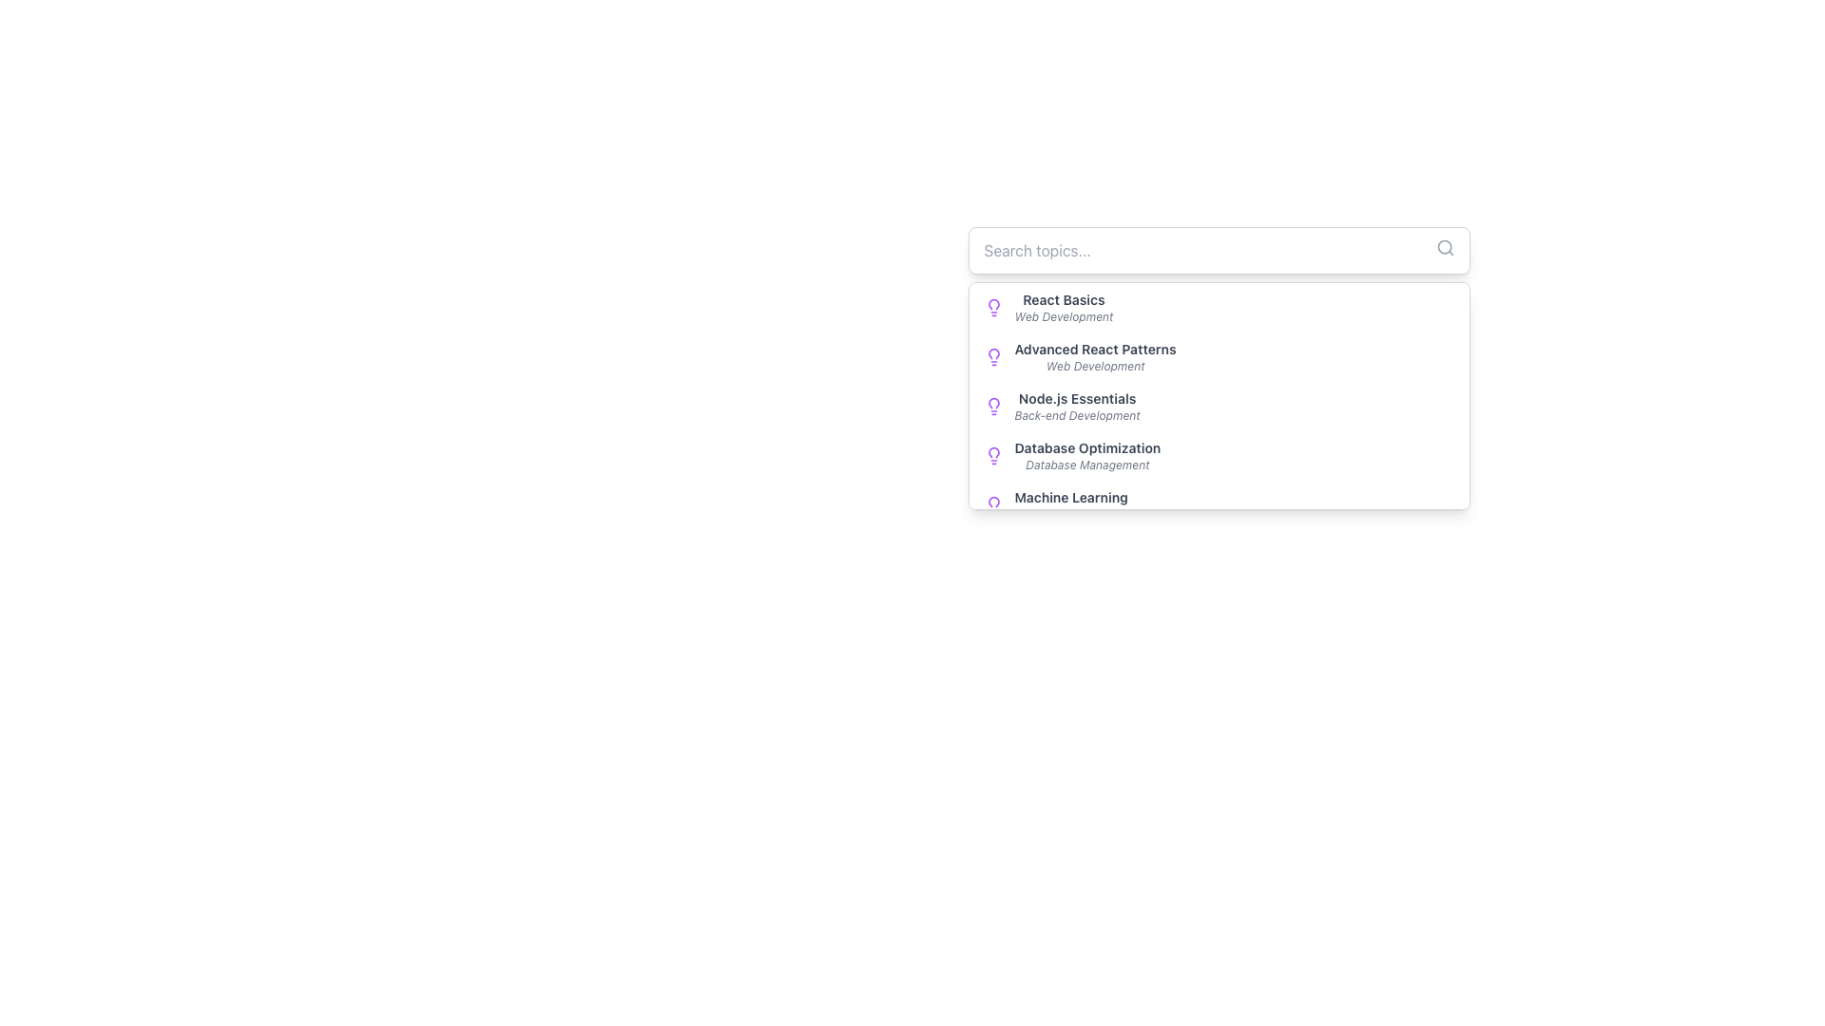 The height and width of the screenshot is (1026, 1825). Describe the element at coordinates (1087, 465) in the screenshot. I see `the text label that displays 'Database Management', which is styled in a small italicized gray font and located directly beneath 'Database Optimization'` at that location.